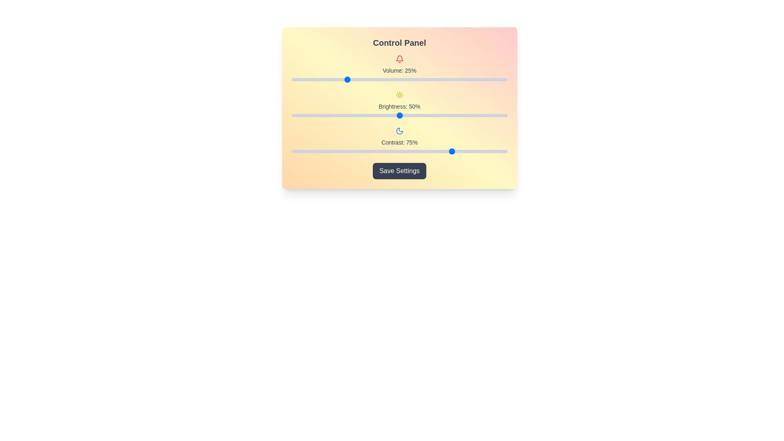  What do you see at coordinates (490, 80) in the screenshot?
I see `the volume` at bounding box center [490, 80].